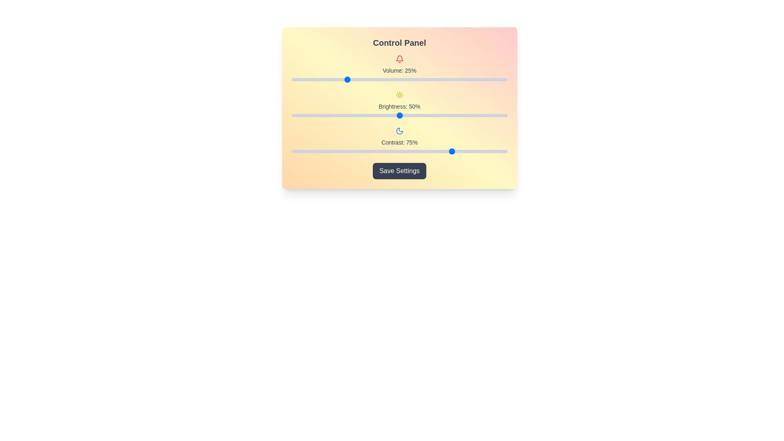  What do you see at coordinates (490, 80) in the screenshot?
I see `the volume` at bounding box center [490, 80].